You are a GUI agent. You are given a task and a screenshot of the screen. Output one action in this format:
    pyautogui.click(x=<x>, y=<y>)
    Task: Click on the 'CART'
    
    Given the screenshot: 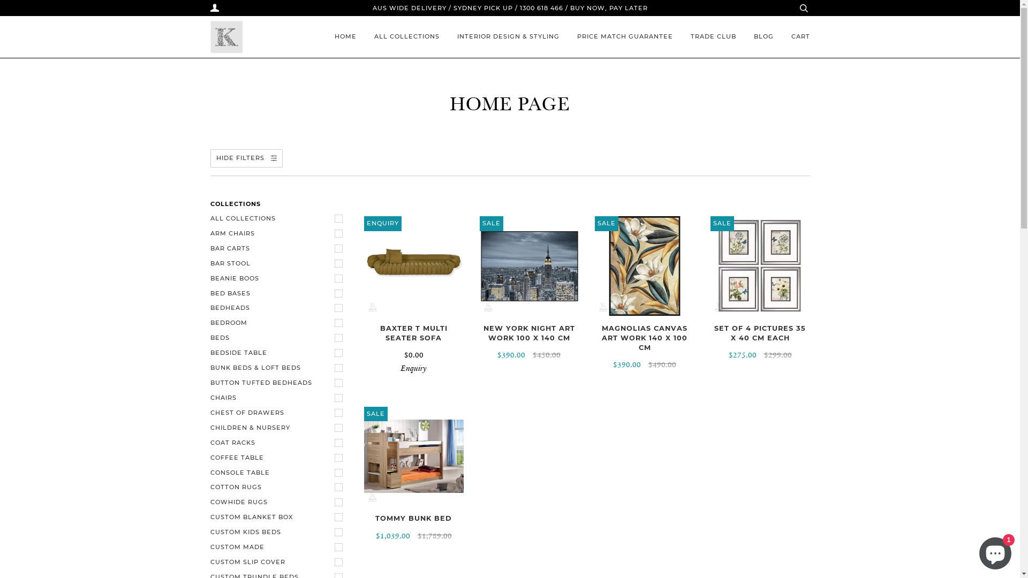 What is the action you would take?
    pyautogui.click(x=800, y=36)
    